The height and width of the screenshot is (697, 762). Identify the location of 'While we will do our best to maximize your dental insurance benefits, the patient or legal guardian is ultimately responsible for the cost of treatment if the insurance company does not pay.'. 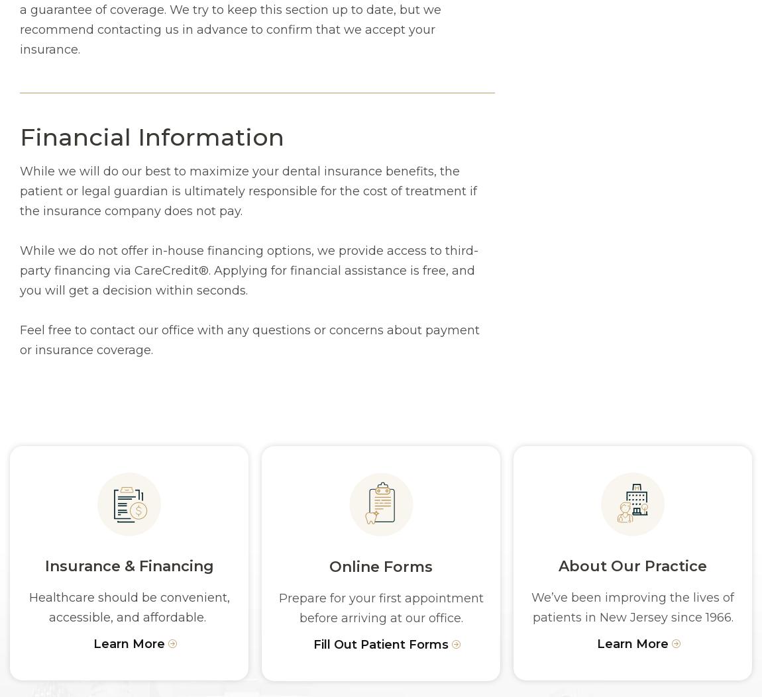
(248, 191).